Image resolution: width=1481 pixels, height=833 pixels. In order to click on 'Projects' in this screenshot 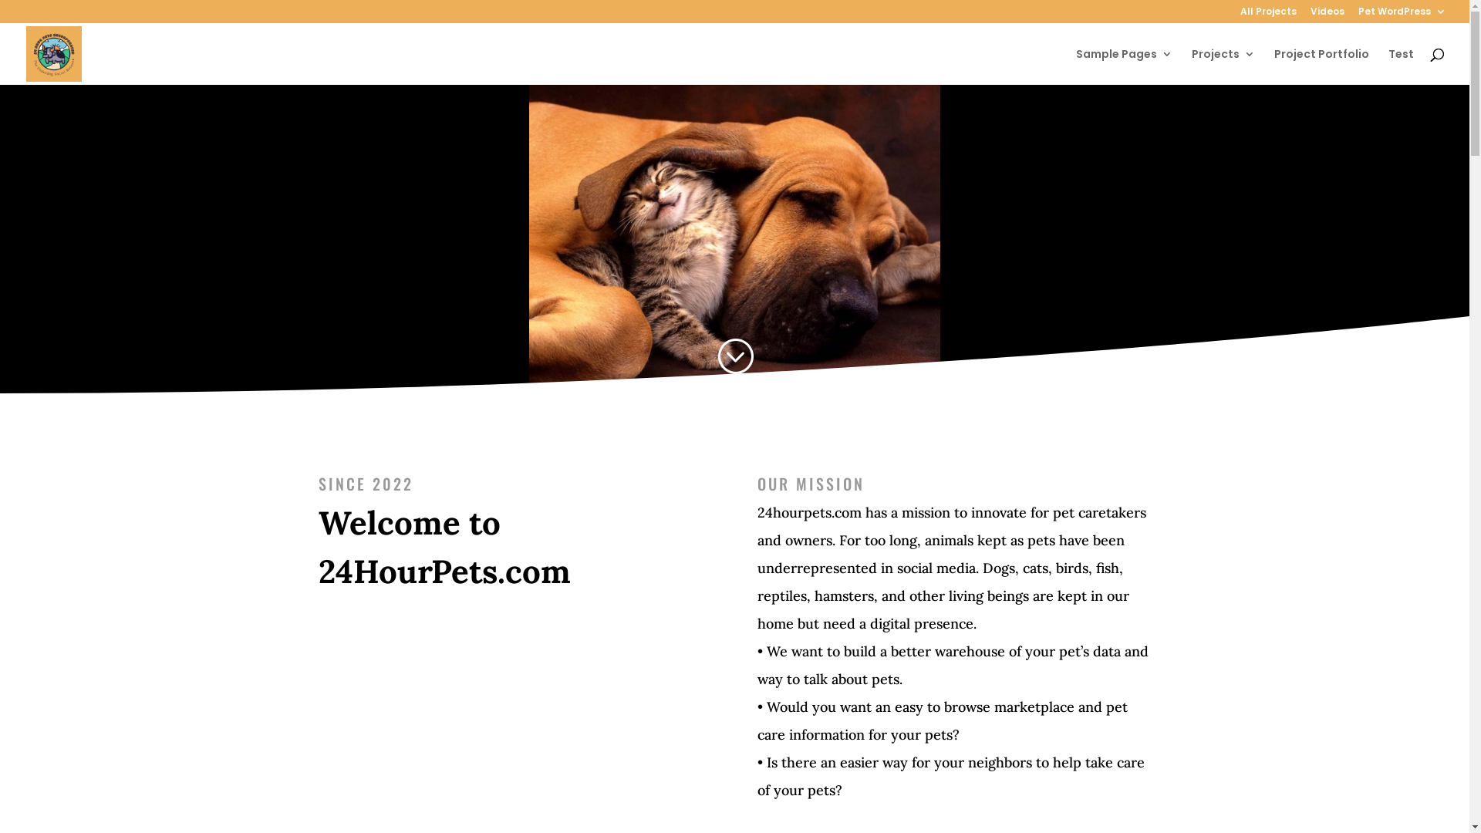, I will do `click(1222, 66)`.